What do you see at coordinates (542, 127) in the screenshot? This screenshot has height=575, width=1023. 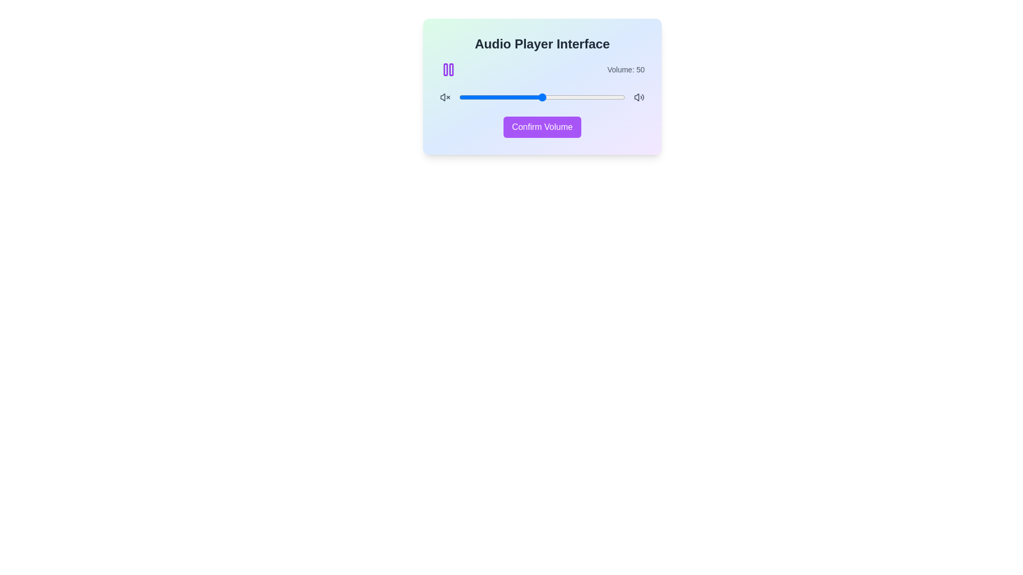 I see `the 'Confirm Volume' button, which is a rectangular button with a purple background and white rounded edges` at bounding box center [542, 127].